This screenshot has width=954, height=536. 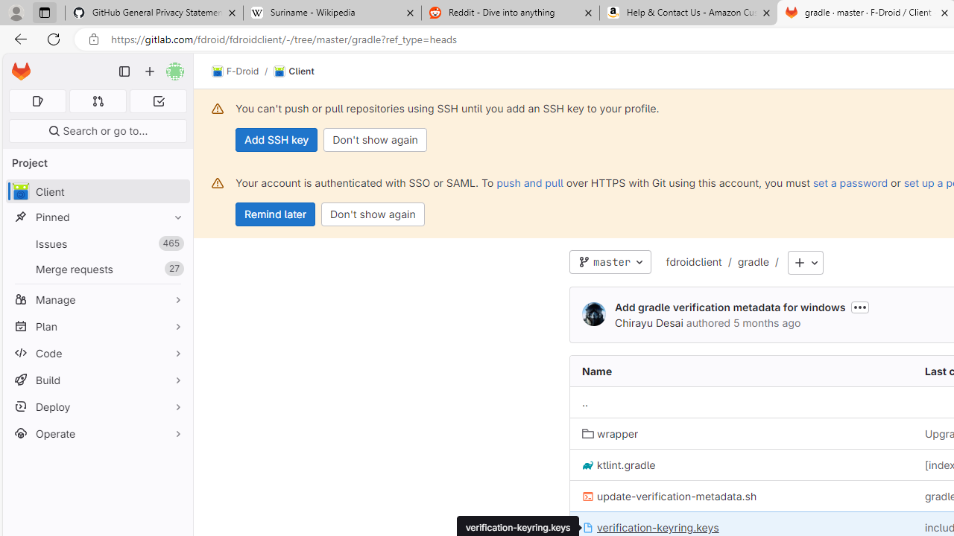 I want to click on 'Go to parent', so click(x=584, y=403).